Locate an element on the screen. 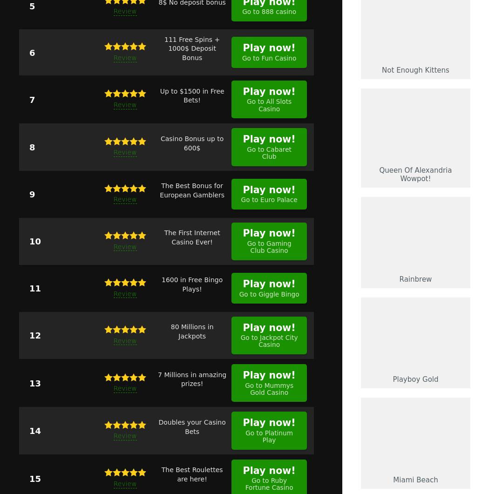 This screenshot has height=494, width=489. 'Go to All Slots Casino' is located at coordinates (247, 104).